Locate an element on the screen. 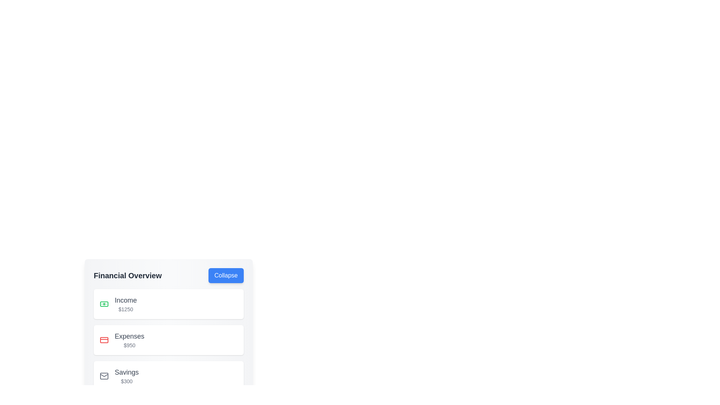 The width and height of the screenshot is (720, 405). the text label displaying '$950' located under the 'Expenses' section in the financial overview interface for comparison with other categories is located at coordinates (129, 345).